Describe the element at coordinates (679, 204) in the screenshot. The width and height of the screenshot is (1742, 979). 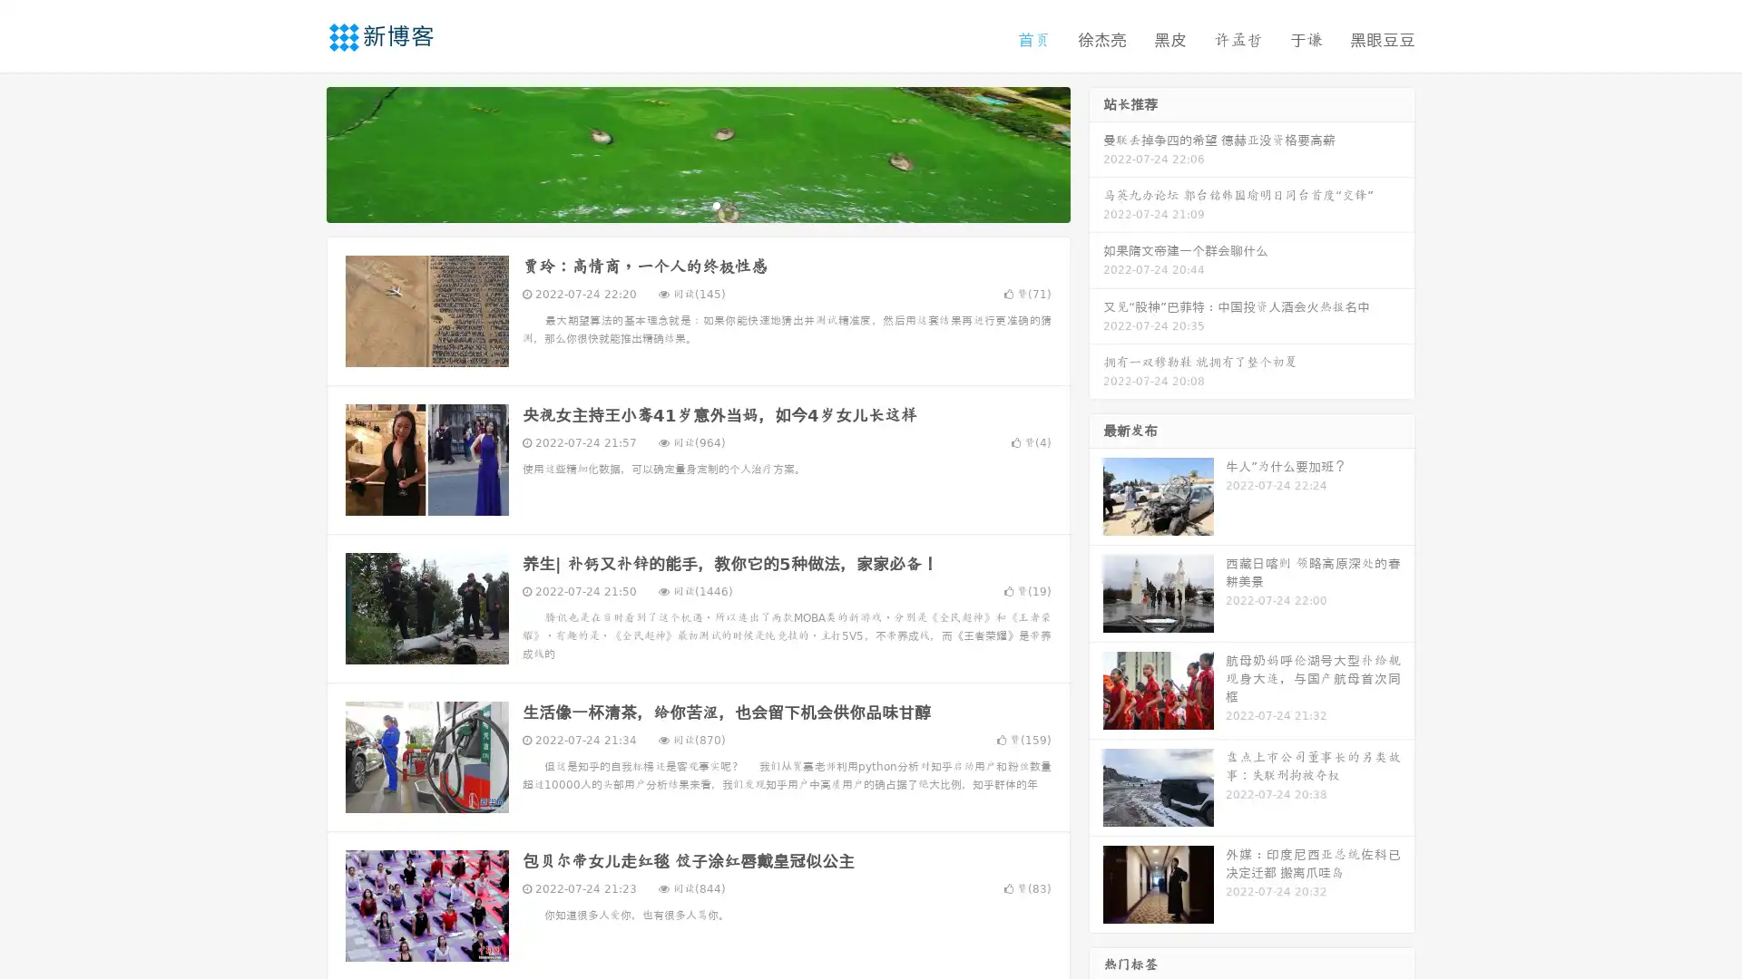
I see `Go to slide 1` at that location.